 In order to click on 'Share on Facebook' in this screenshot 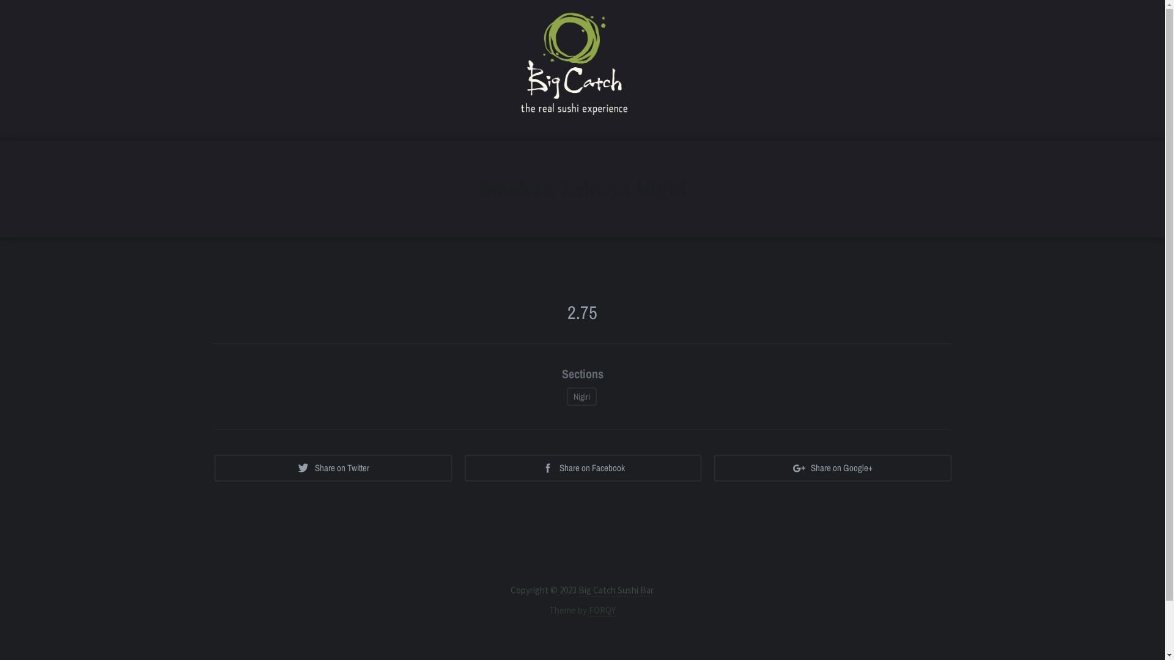, I will do `click(582, 468)`.